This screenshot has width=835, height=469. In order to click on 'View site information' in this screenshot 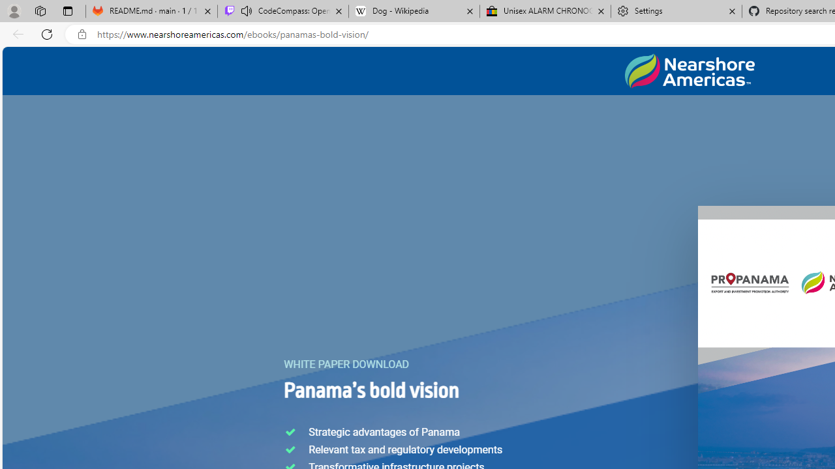, I will do `click(82, 34)`.